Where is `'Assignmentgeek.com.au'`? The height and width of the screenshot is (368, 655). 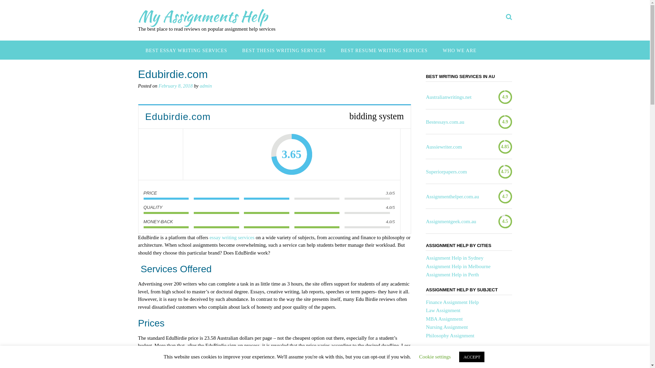
'Assignmentgeek.com.au' is located at coordinates (451, 221).